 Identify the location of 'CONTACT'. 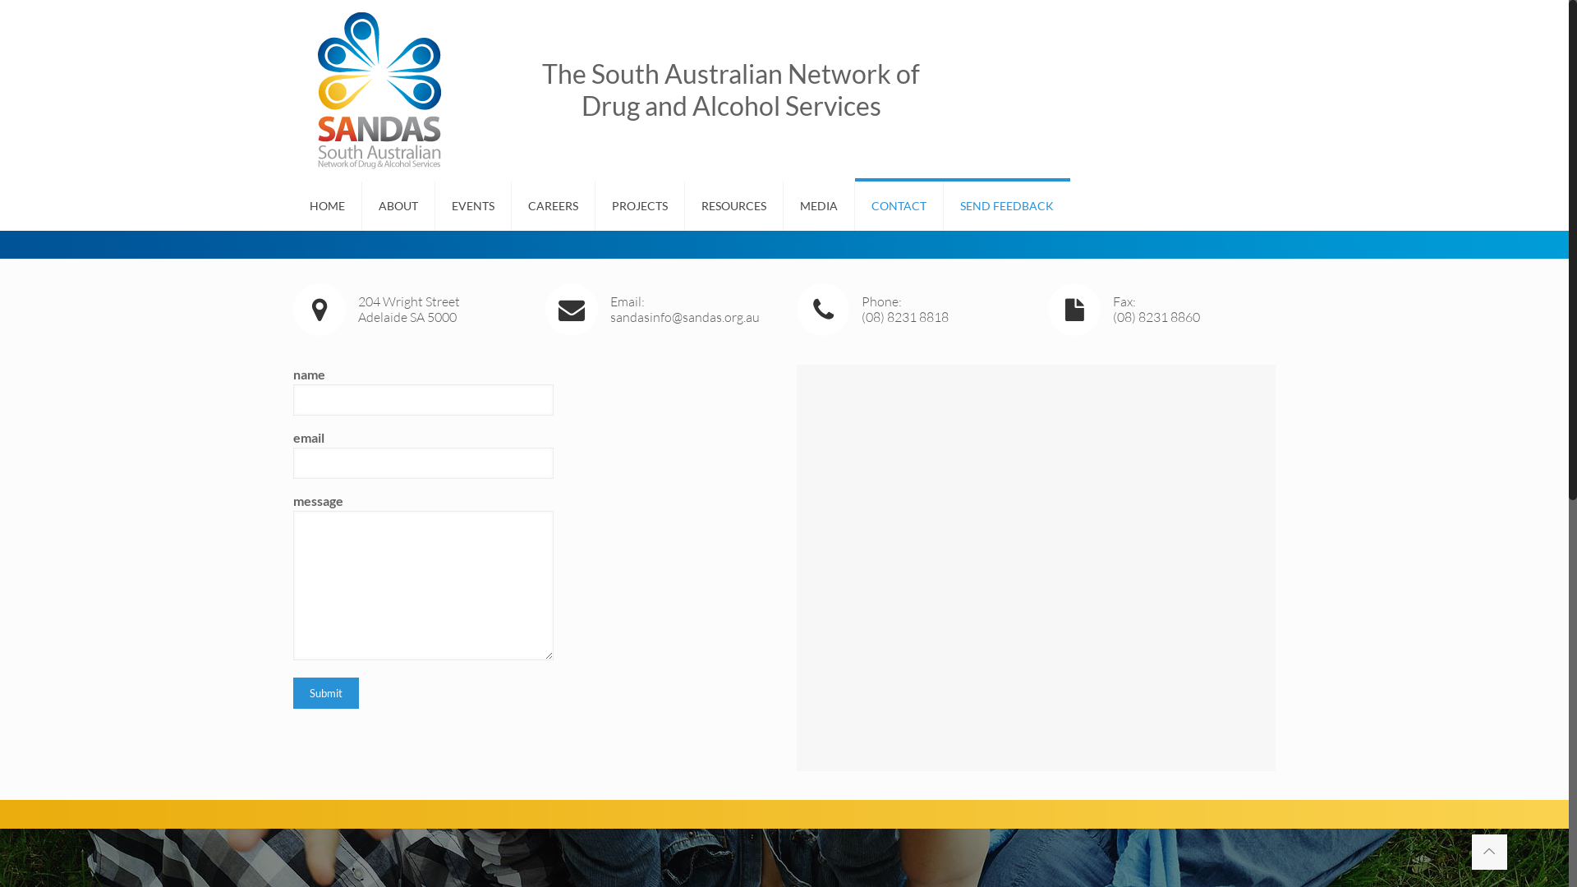
(898, 205).